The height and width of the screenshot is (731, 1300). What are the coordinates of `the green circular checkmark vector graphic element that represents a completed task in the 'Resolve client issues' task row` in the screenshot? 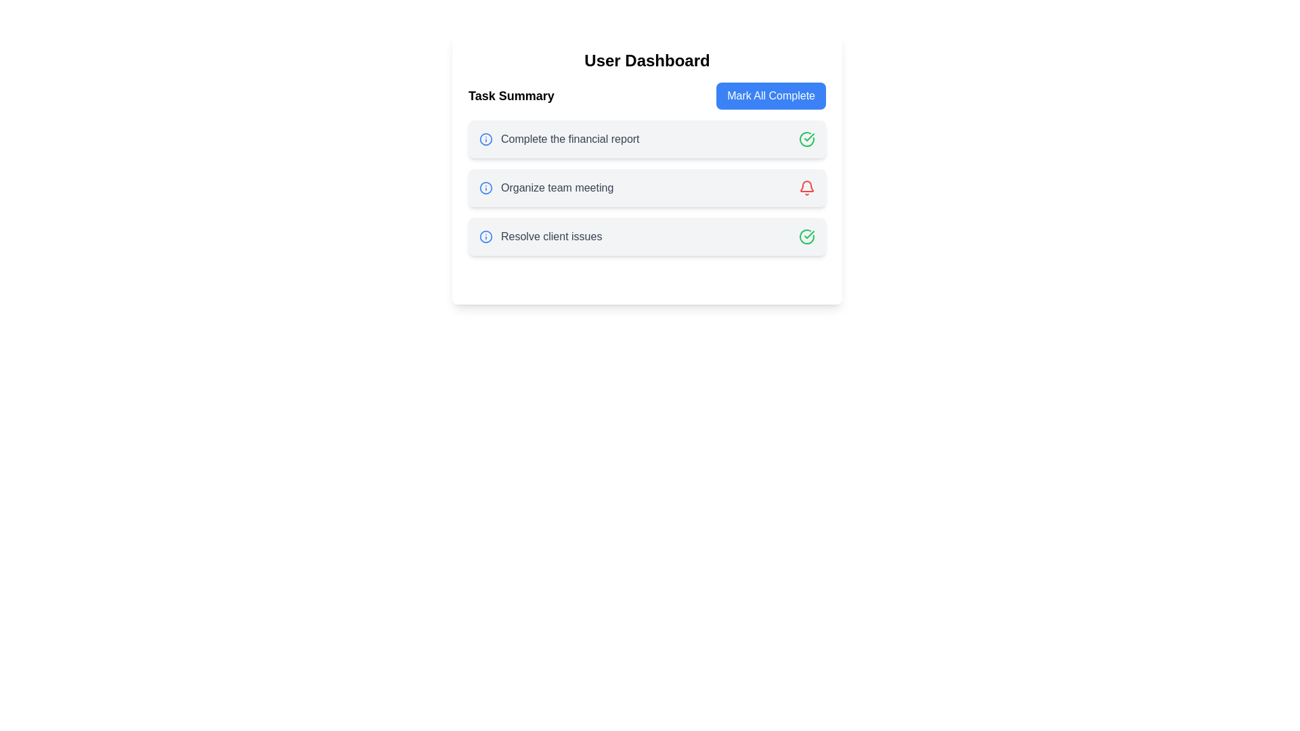 It's located at (806, 139).